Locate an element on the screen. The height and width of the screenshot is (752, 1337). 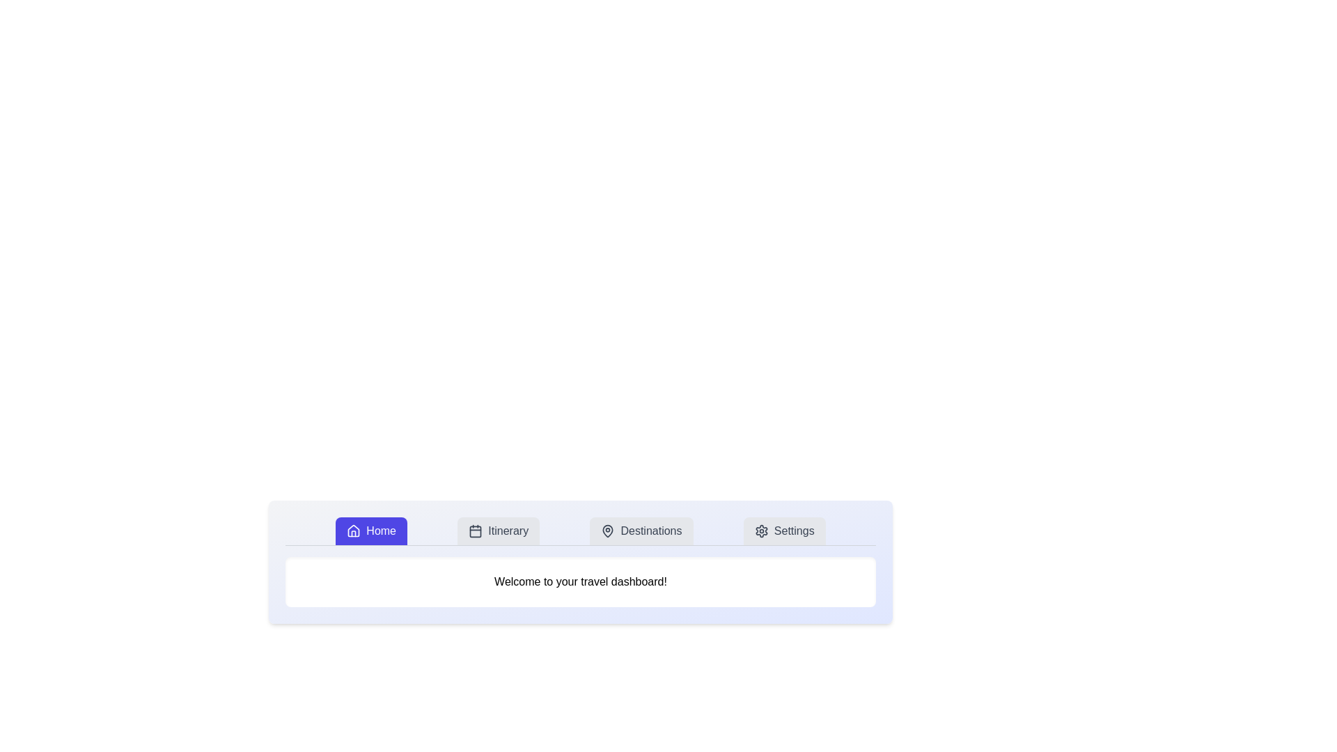
the 'Destinations' icon located in the navigation bar, which is positioned immediately before the text label 'Destinations' is located at coordinates (608, 531).